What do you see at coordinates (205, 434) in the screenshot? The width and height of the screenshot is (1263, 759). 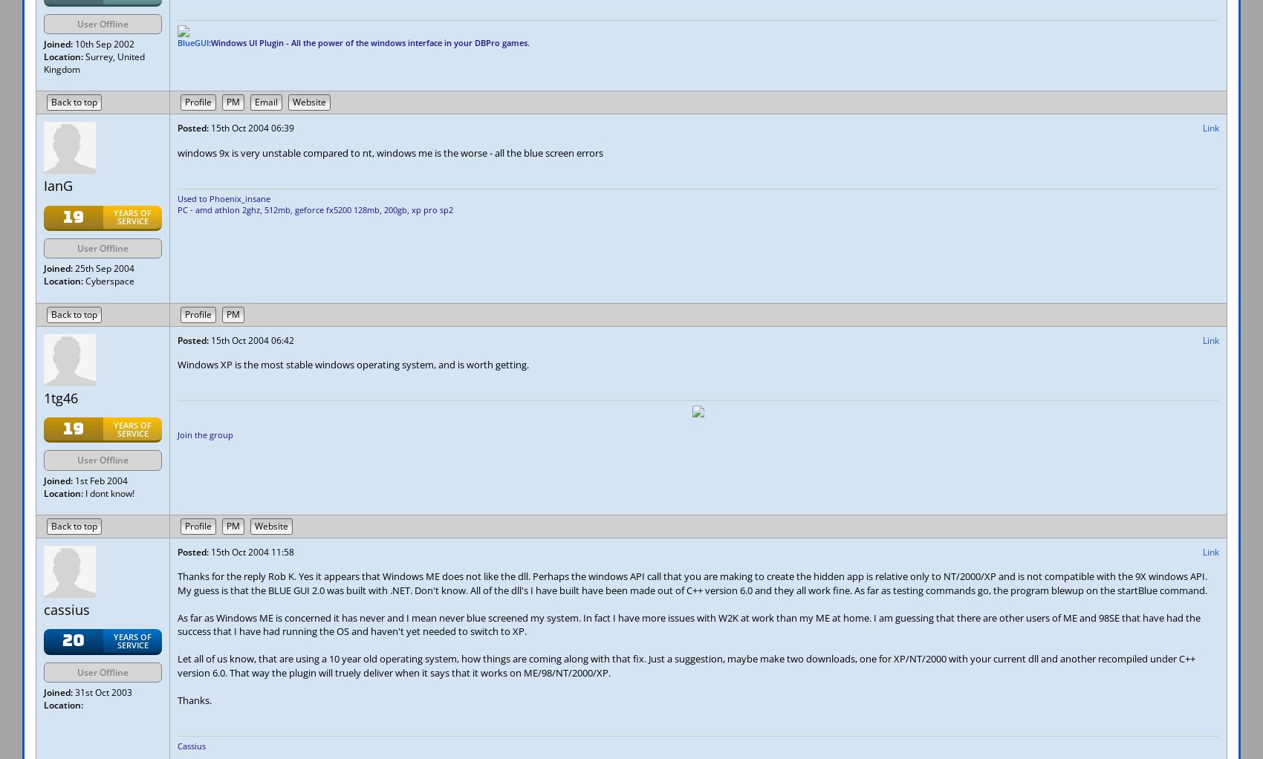 I see `'Join the group'` at bounding box center [205, 434].